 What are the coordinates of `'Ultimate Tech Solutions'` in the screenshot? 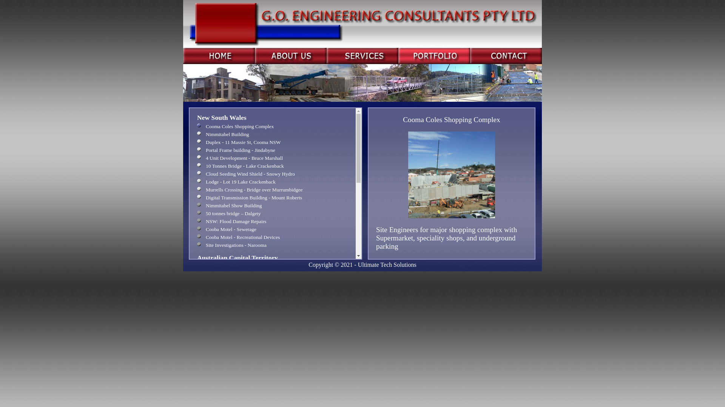 It's located at (387, 264).